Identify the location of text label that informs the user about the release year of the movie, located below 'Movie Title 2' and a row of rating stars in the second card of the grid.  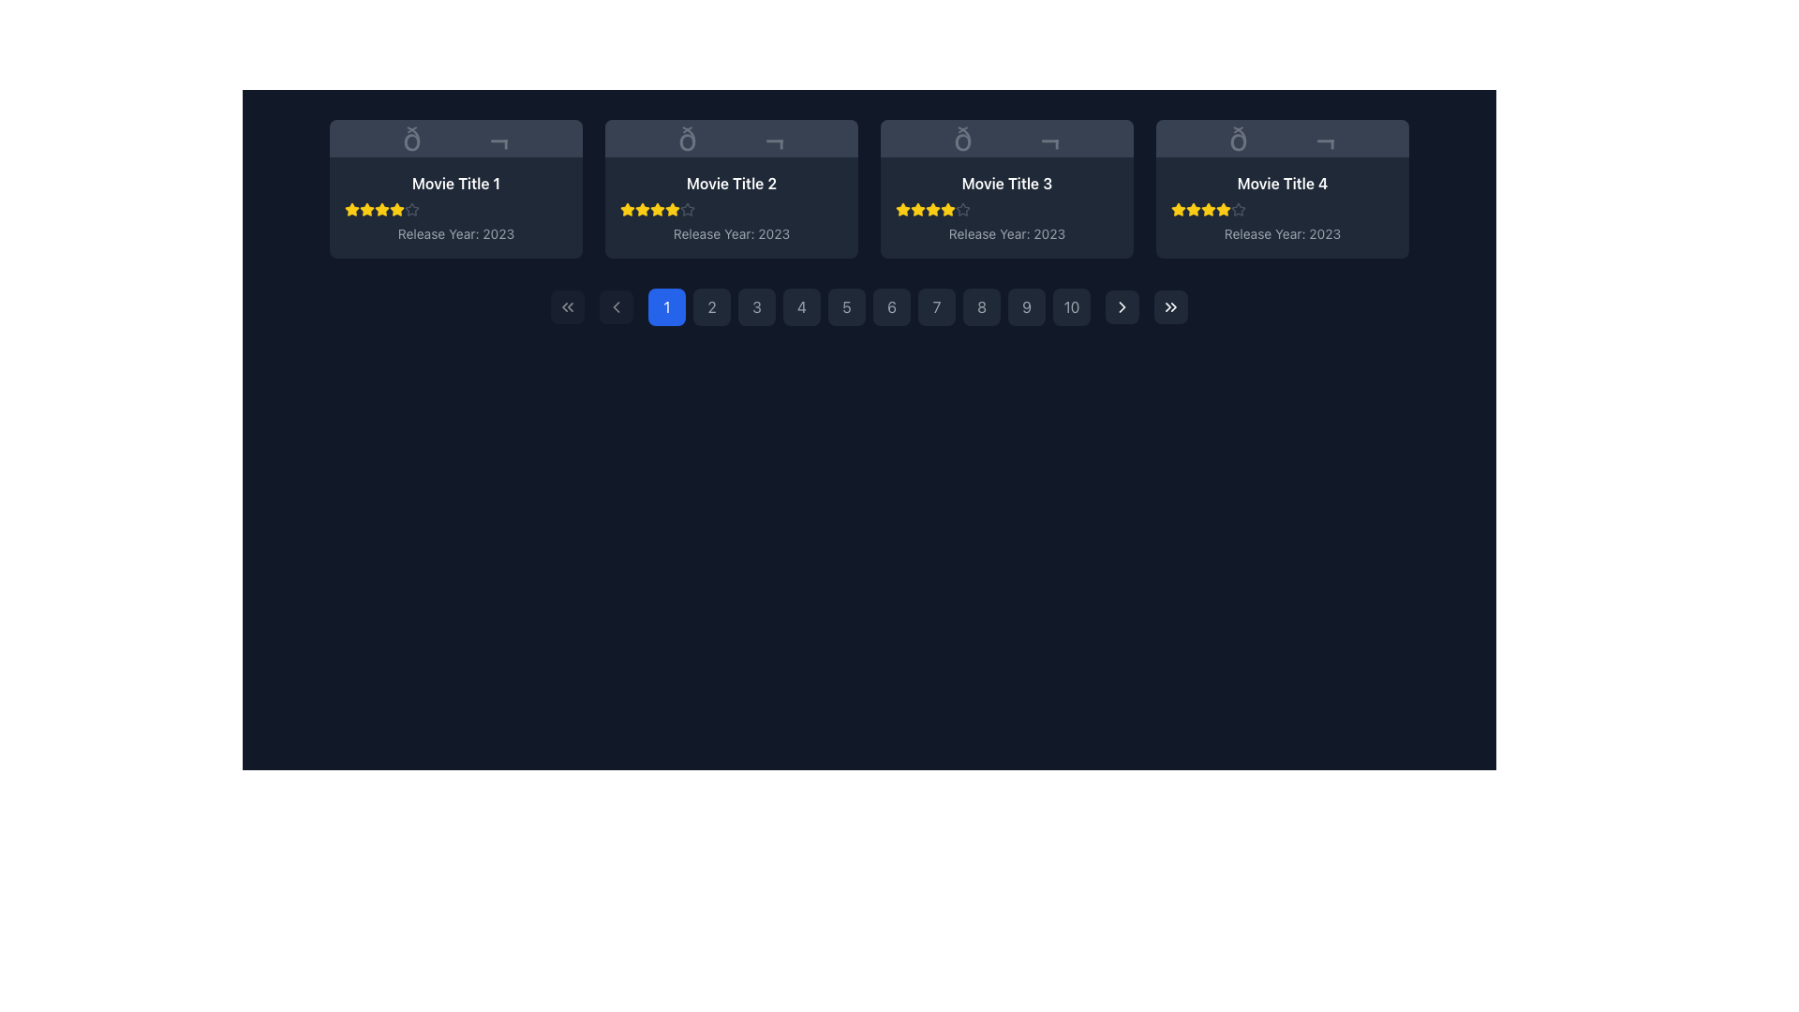
(731, 233).